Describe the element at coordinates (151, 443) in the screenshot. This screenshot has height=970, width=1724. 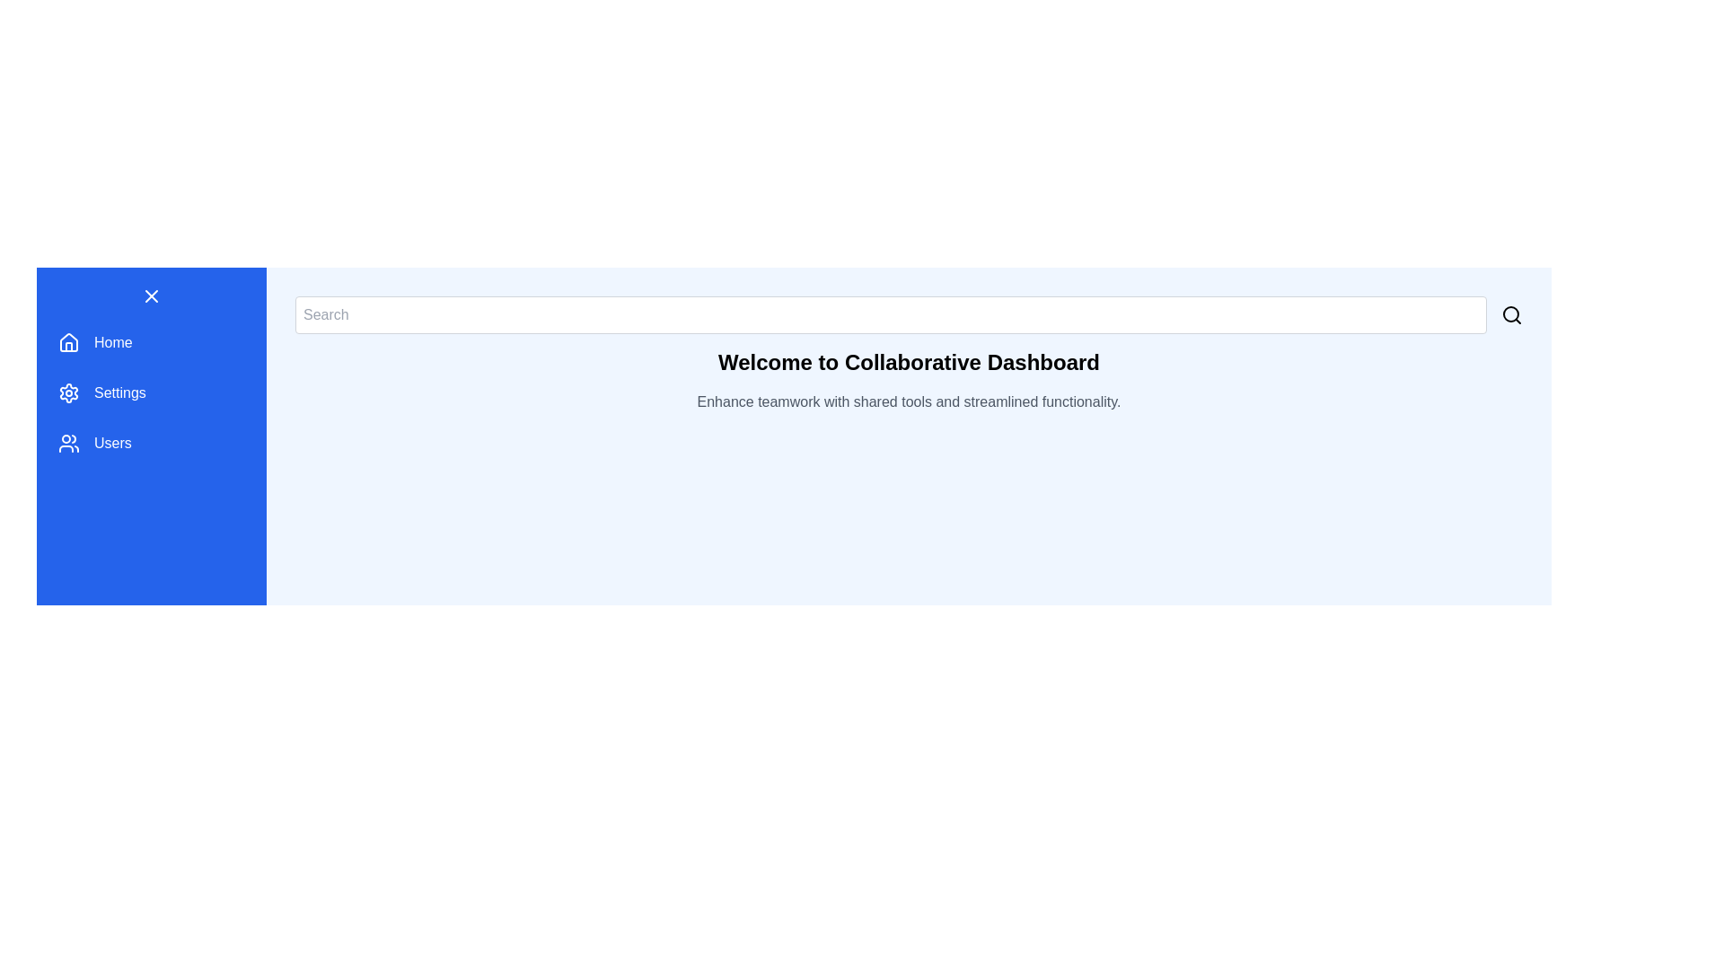
I see `the navigation item labeled Users` at that location.